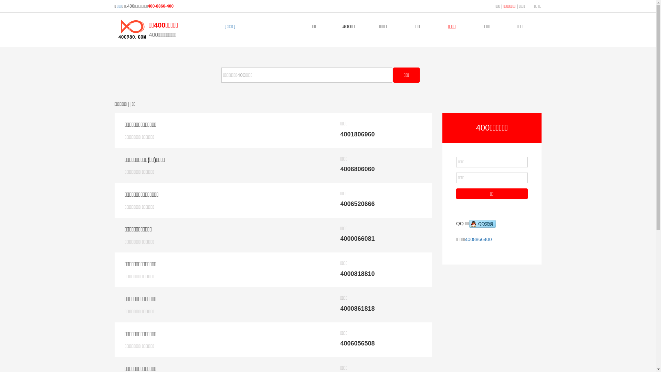 Image resolution: width=661 pixels, height=372 pixels. What do you see at coordinates (478, 239) in the screenshot?
I see `'4008866400'` at bounding box center [478, 239].